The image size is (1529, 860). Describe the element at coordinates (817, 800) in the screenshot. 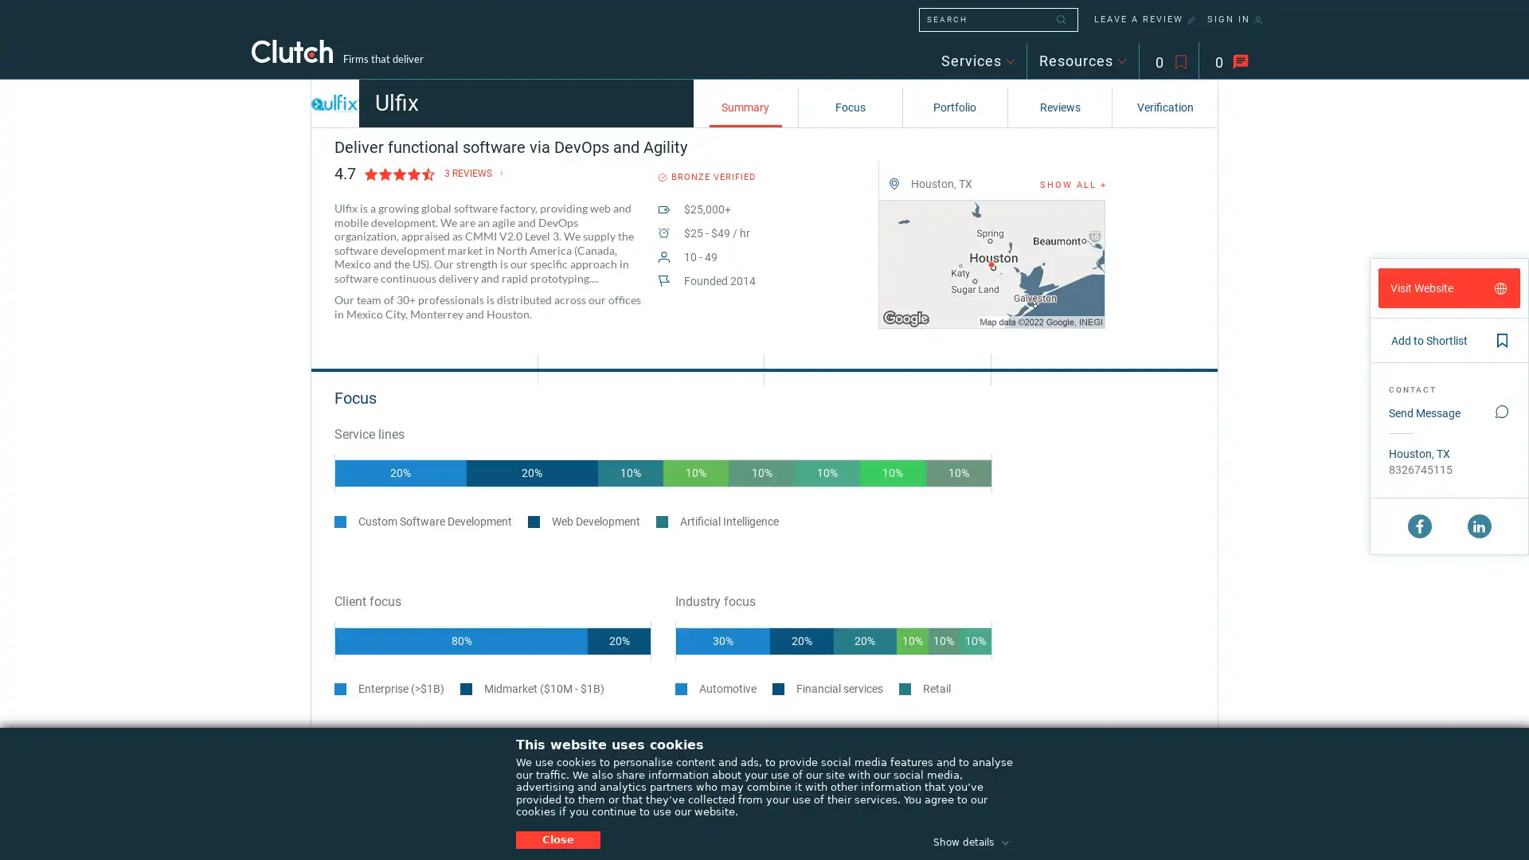

I see `10%` at that location.